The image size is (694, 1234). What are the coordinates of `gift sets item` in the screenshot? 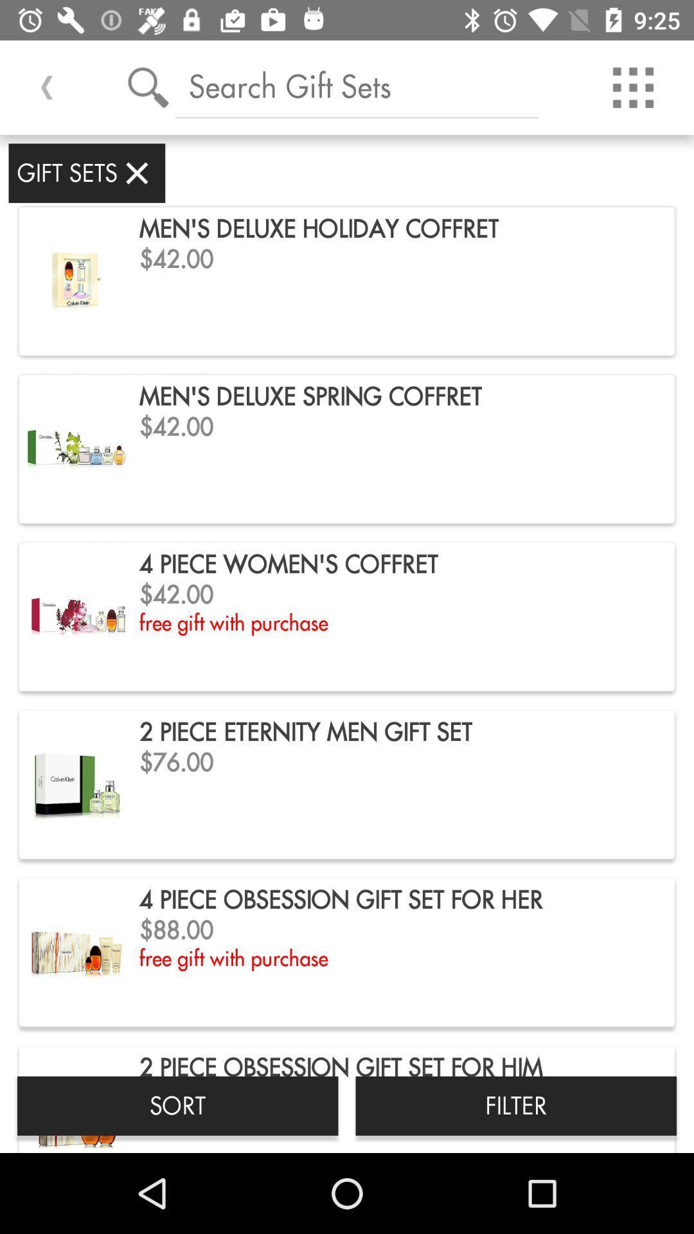 It's located at (87, 172).